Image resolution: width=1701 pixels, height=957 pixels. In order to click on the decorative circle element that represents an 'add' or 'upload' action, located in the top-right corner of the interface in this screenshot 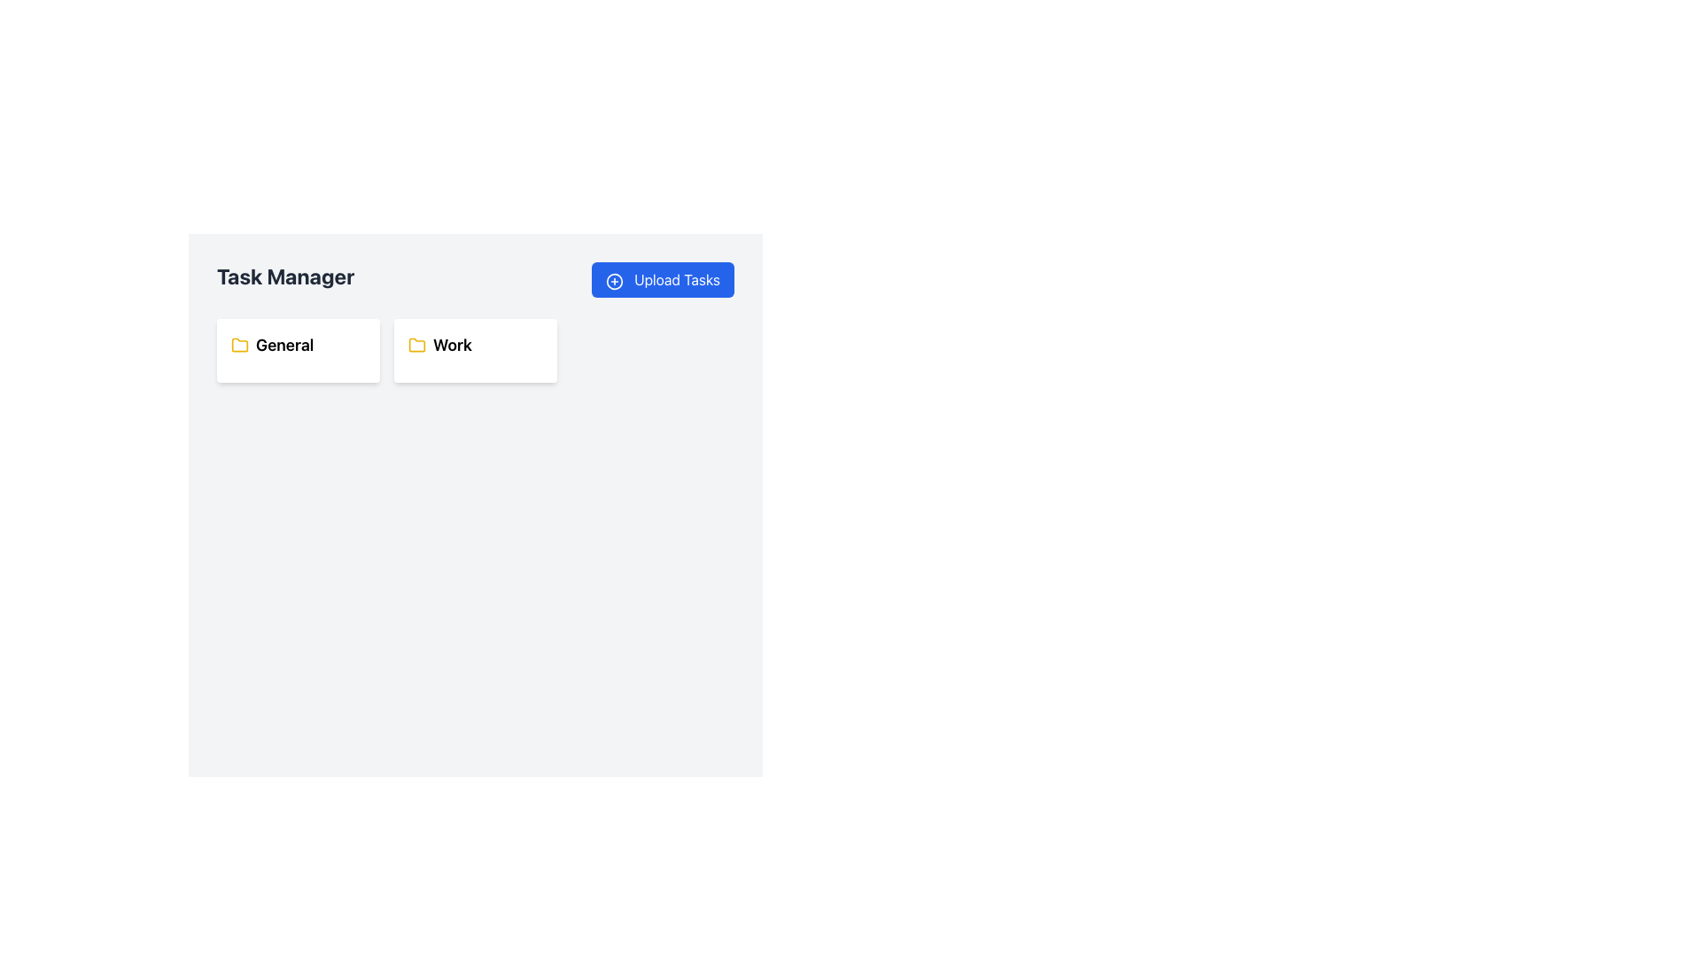, I will do `click(614, 280)`.